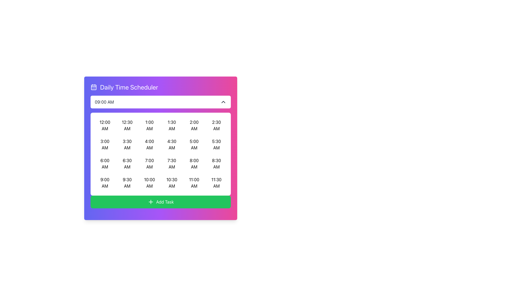 The image size is (510, 287). Describe the element at coordinates (127, 182) in the screenshot. I see `the '9:30 AM' selection button in the scheduler` at that location.